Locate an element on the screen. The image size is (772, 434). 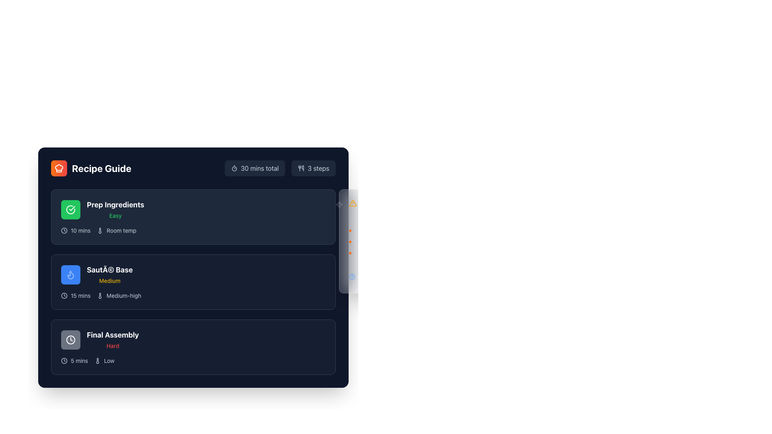
the static informational label displaying the time duration for the 'Prep Ingredients' step in the recipe guide is located at coordinates (76, 231).